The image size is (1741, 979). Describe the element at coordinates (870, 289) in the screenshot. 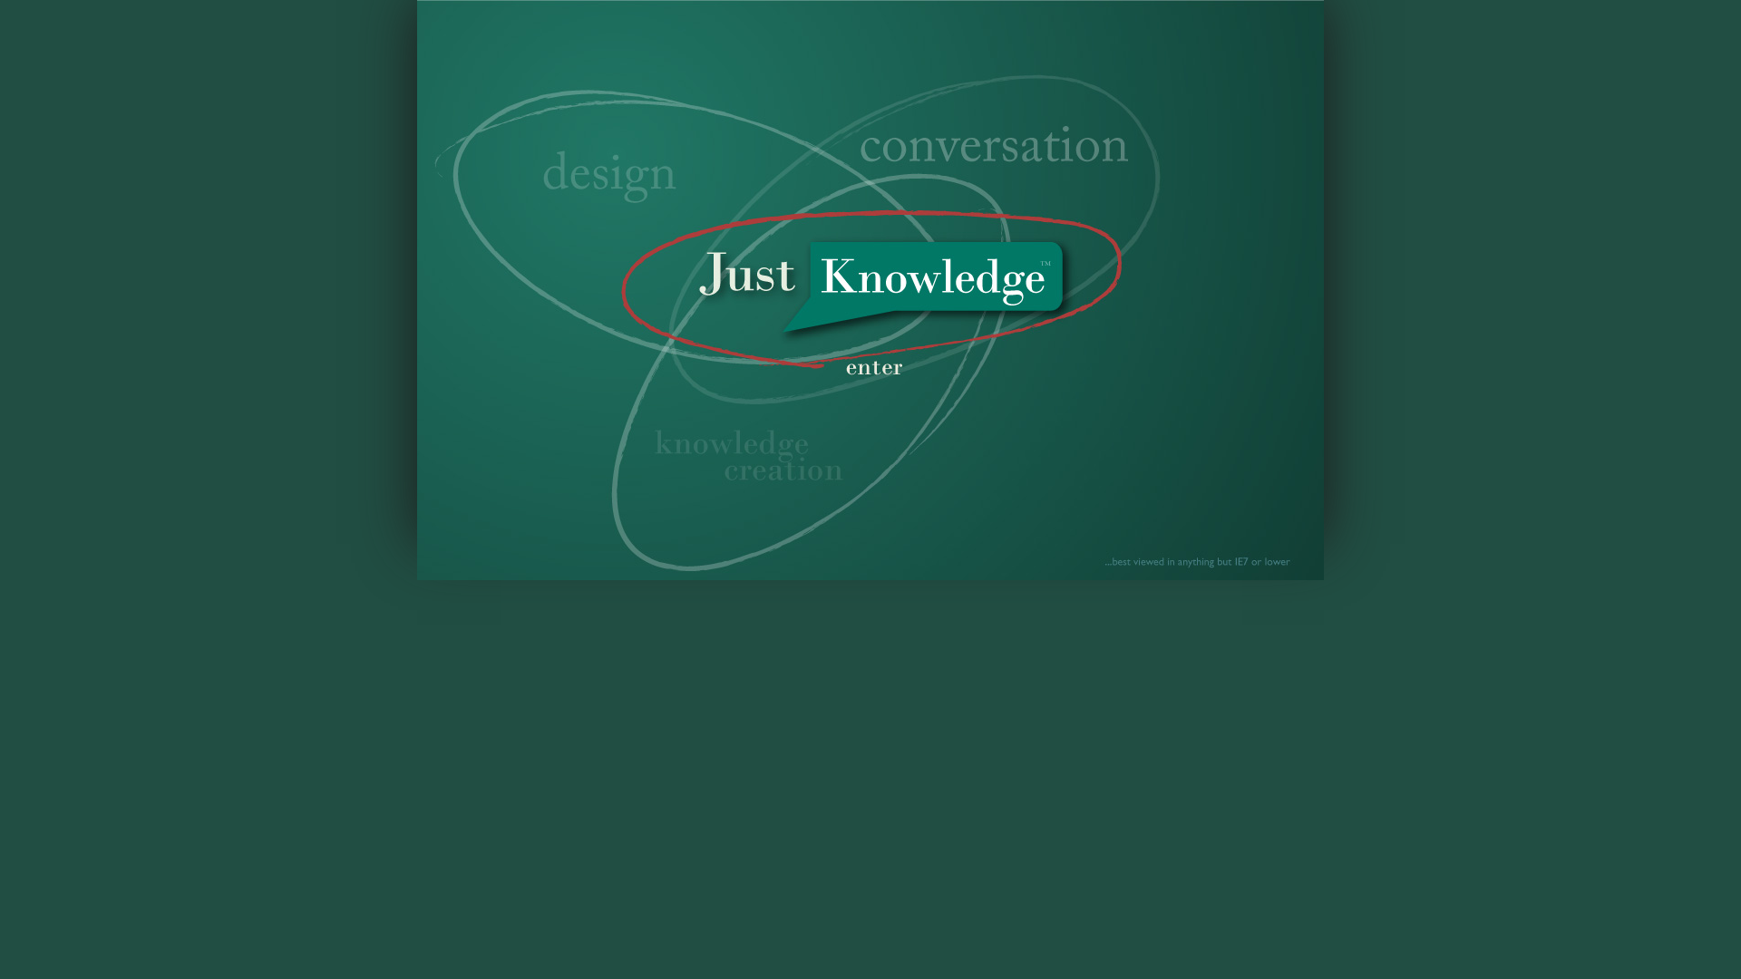

I see `'Enter Site'` at that location.